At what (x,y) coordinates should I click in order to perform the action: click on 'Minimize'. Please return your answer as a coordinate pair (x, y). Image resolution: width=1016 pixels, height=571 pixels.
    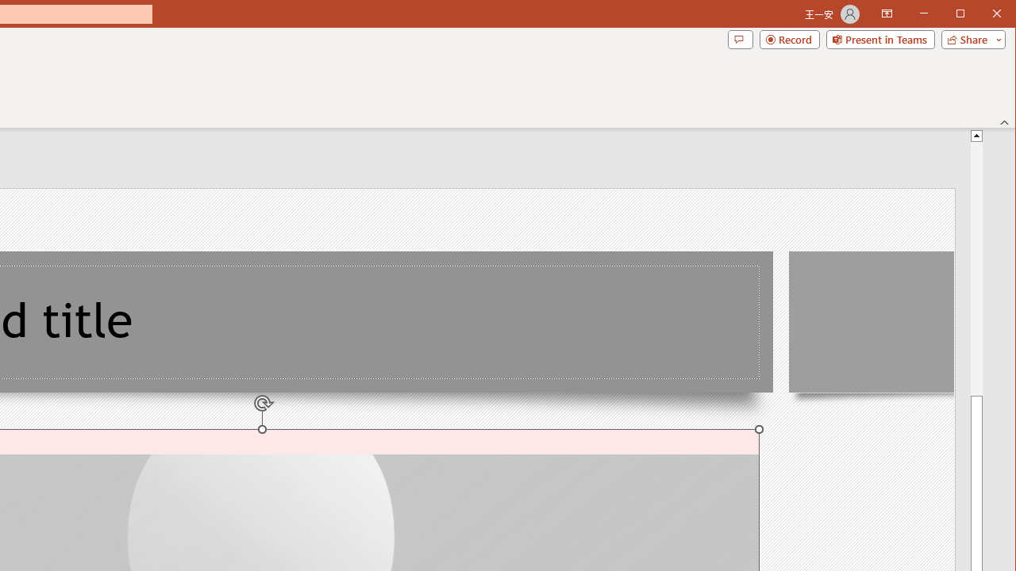
    Looking at the image, I should click on (964, 15).